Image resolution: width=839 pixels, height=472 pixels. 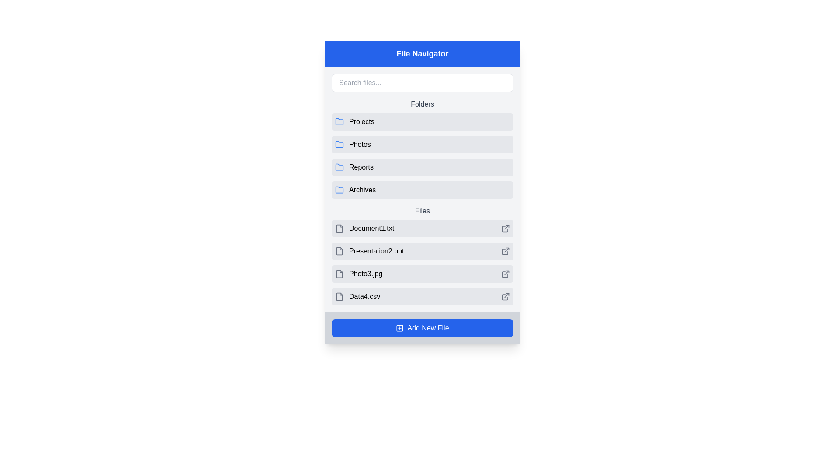 What do you see at coordinates (428, 328) in the screenshot?
I see `on the 'Add New File' label located at the bottom-center of the interface, inside a blue button` at bounding box center [428, 328].